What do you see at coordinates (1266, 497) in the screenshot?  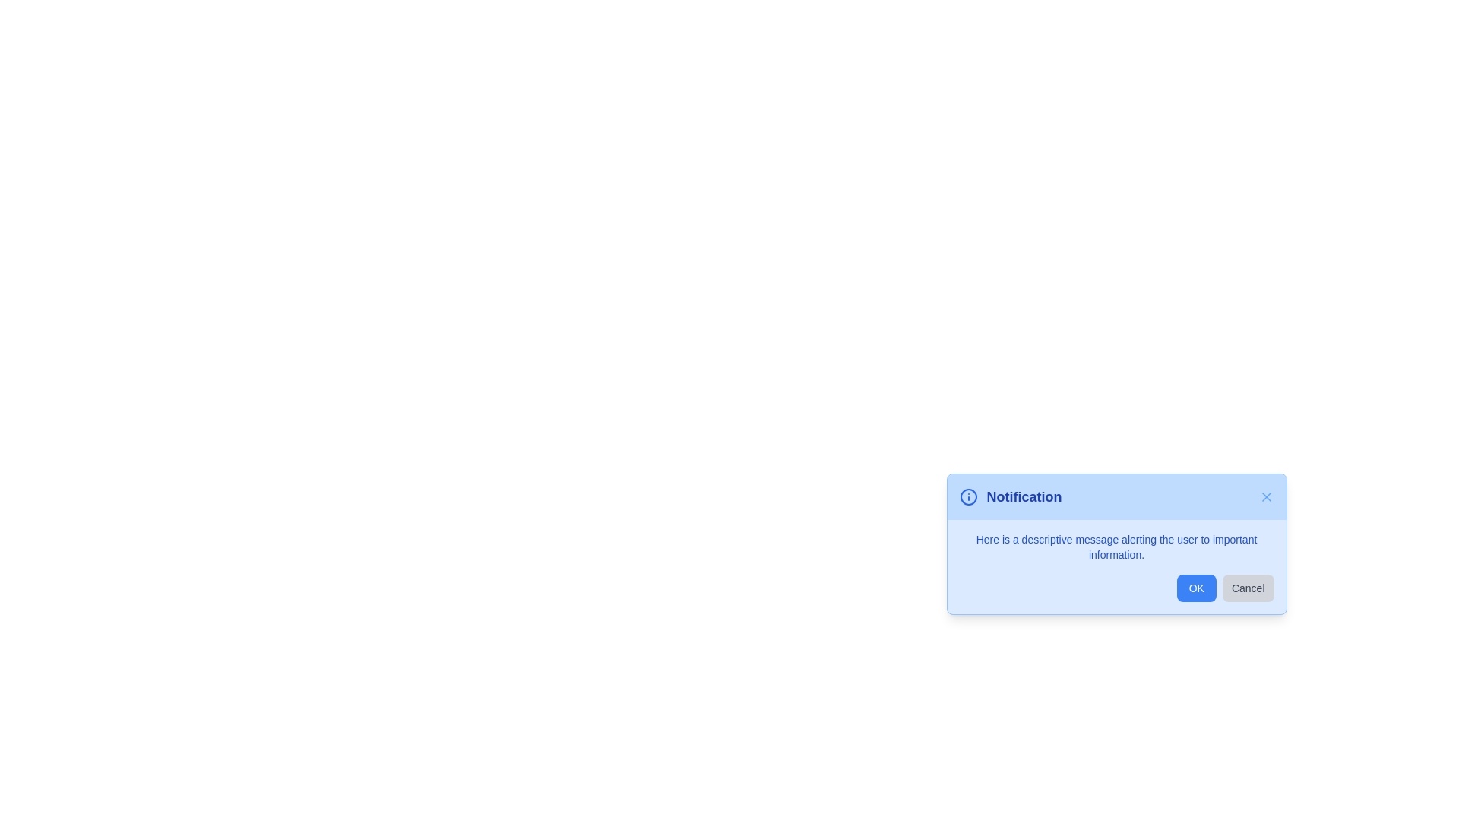 I see `the 'X' button in the header of the alert to close it` at bounding box center [1266, 497].